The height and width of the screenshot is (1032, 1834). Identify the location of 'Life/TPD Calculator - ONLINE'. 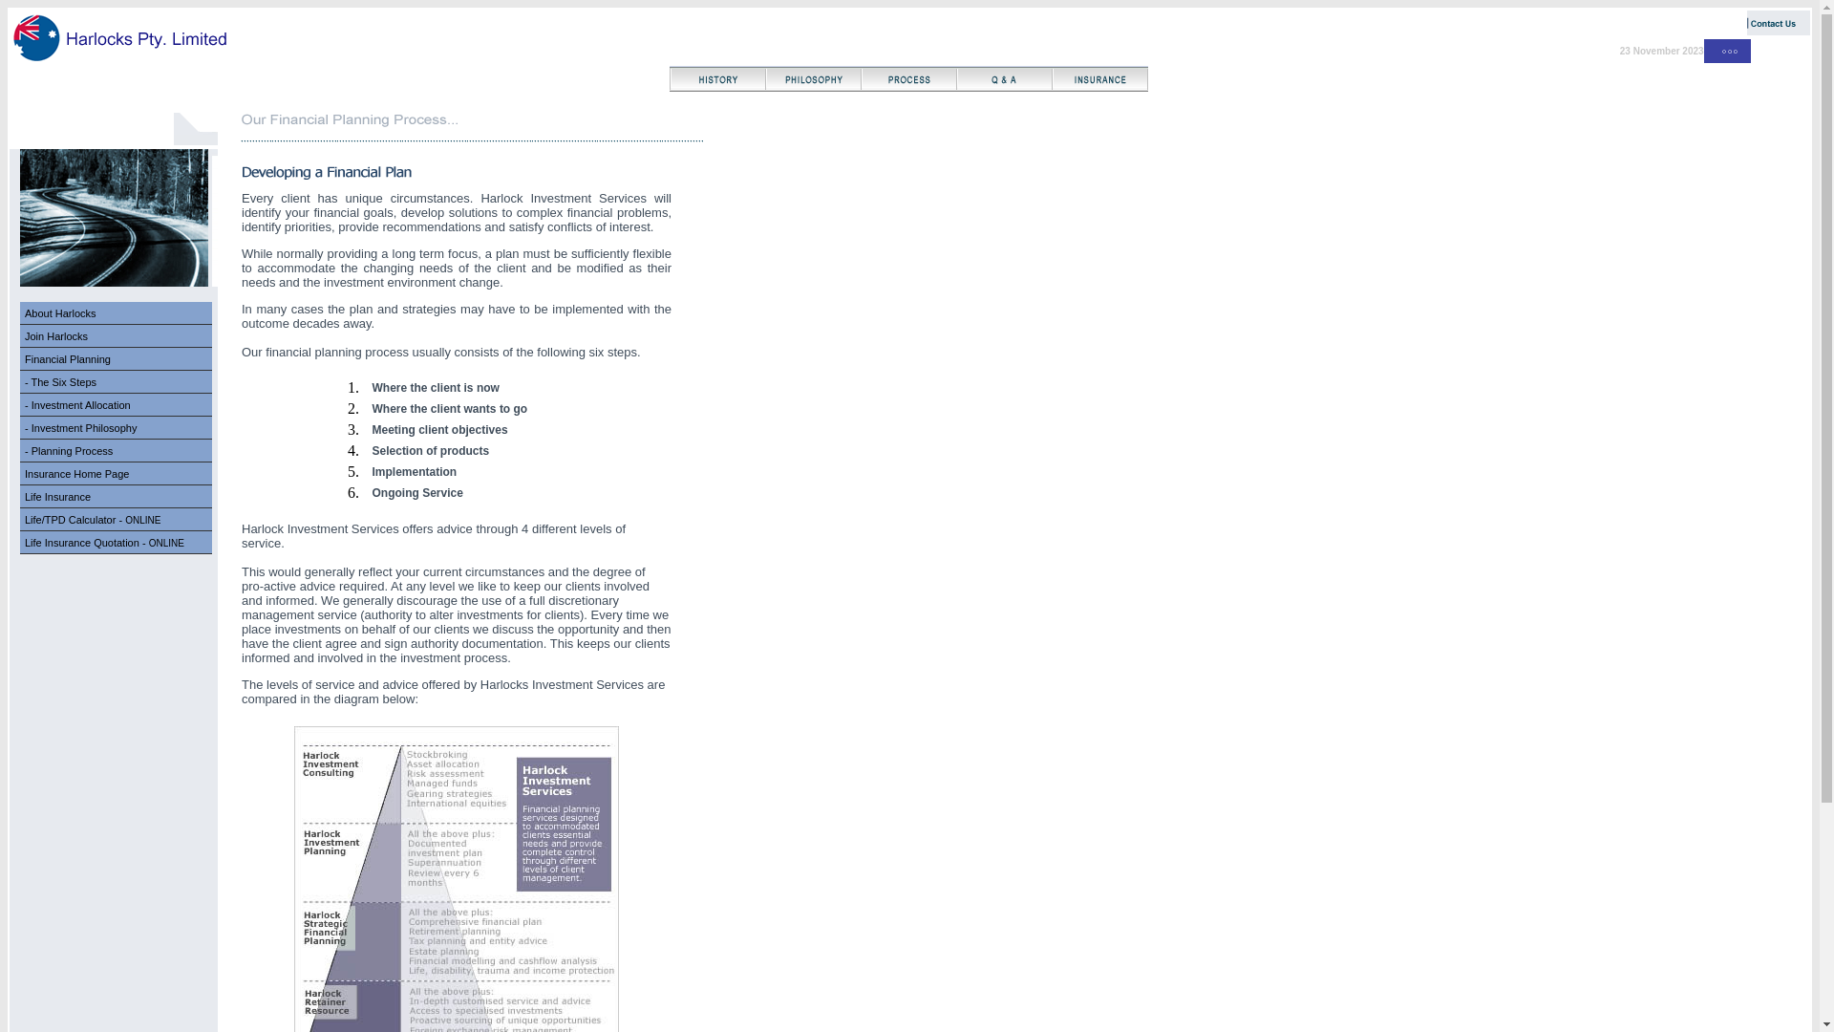
(115, 519).